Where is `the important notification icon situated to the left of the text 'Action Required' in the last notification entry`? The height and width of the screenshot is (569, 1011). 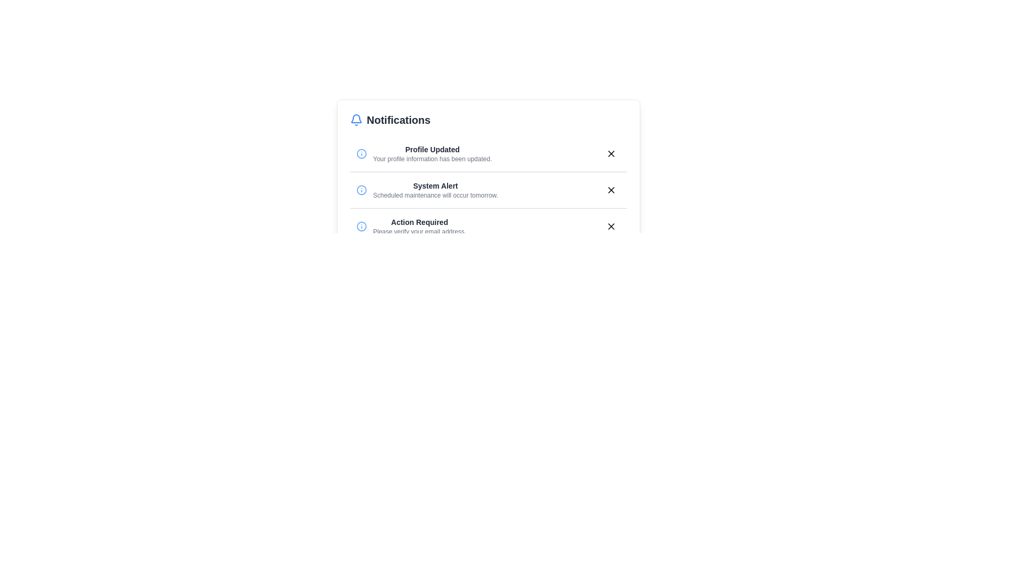
the important notification icon situated to the left of the text 'Action Required' in the last notification entry is located at coordinates (361, 225).